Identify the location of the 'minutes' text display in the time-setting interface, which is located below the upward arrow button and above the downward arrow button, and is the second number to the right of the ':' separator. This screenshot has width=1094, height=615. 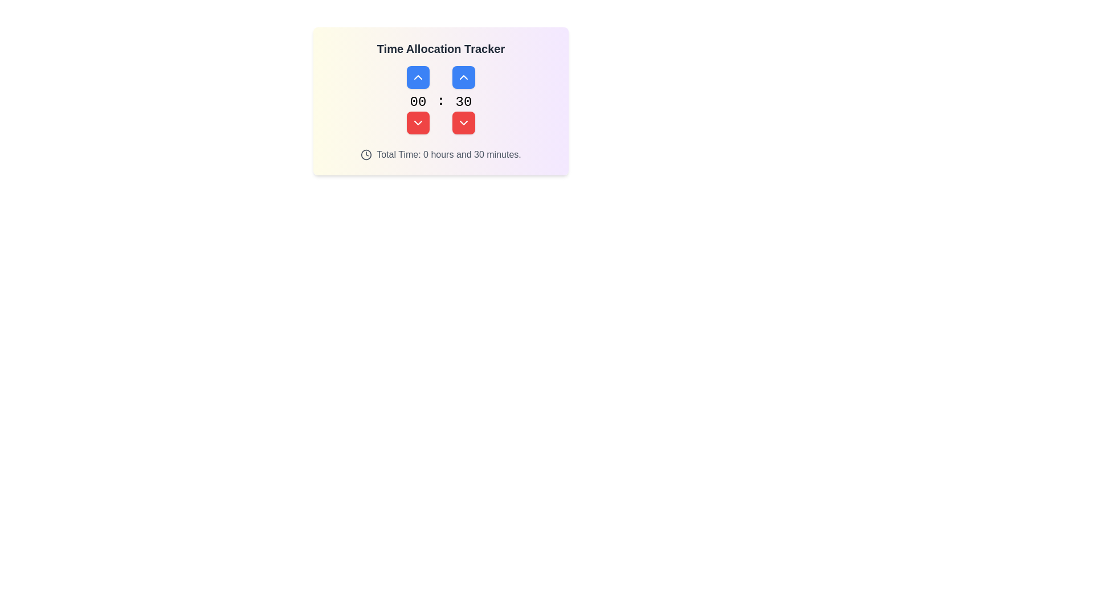
(464, 100).